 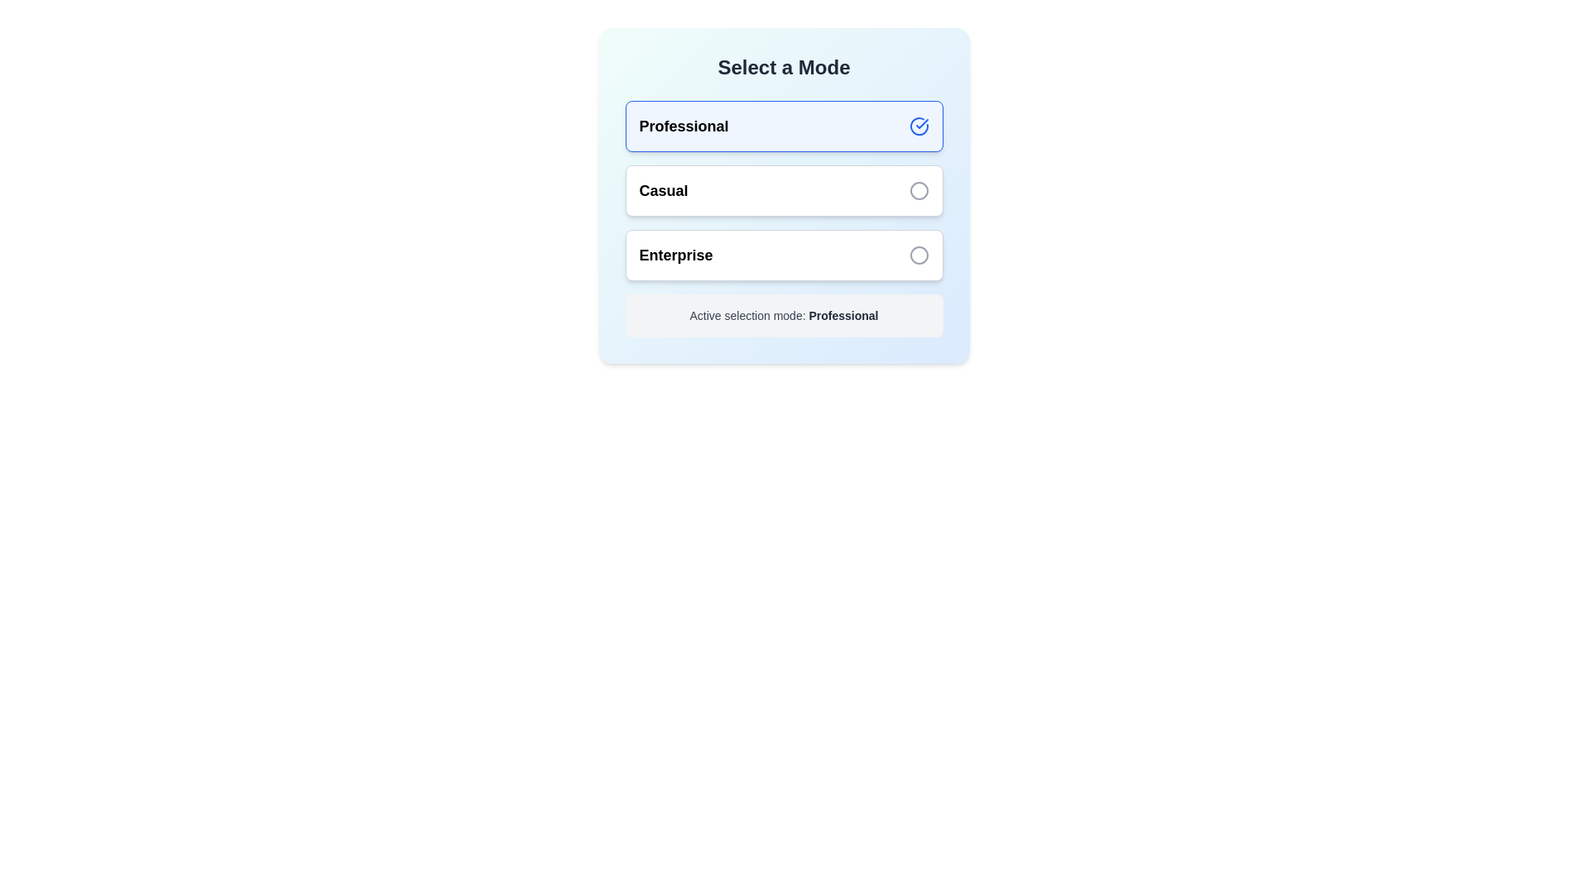 I want to click on the text element displaying 'Professional', which is bolded and part of the message 'Active selection mode: Professional', so click(x=843, y=315).